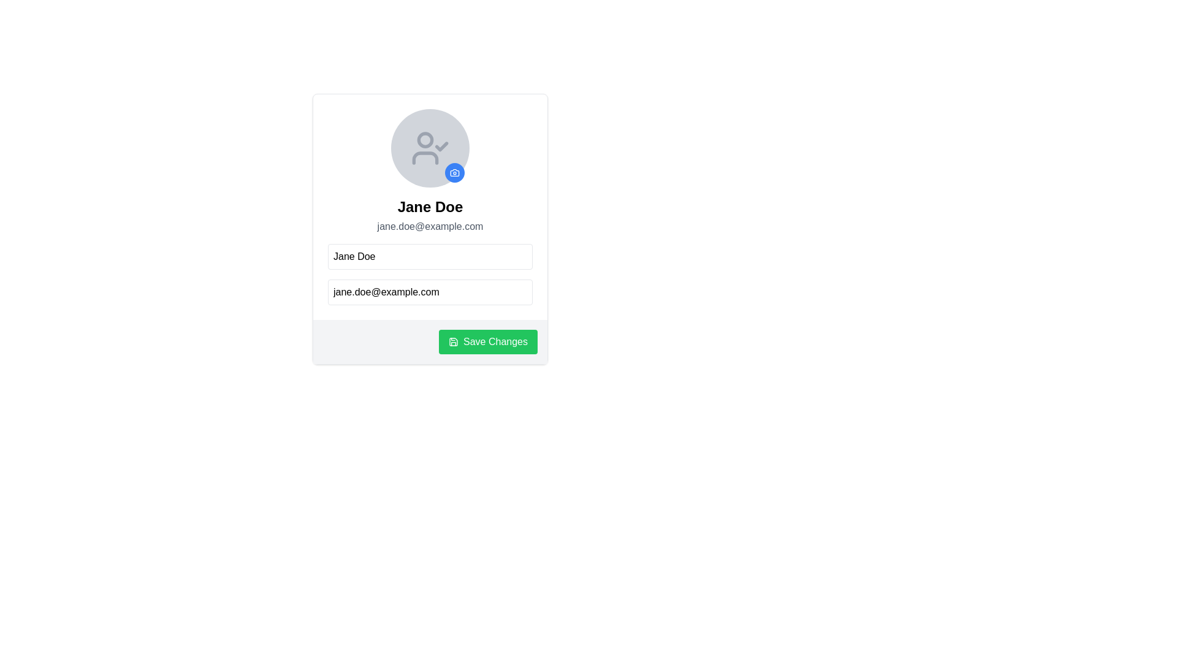  What do you see at coordinates (425, 139) in the screenshot?
I see `the small circular icon that is part of the user profile avatar located at the top section of the display panel` at bounding box center [425, 139].